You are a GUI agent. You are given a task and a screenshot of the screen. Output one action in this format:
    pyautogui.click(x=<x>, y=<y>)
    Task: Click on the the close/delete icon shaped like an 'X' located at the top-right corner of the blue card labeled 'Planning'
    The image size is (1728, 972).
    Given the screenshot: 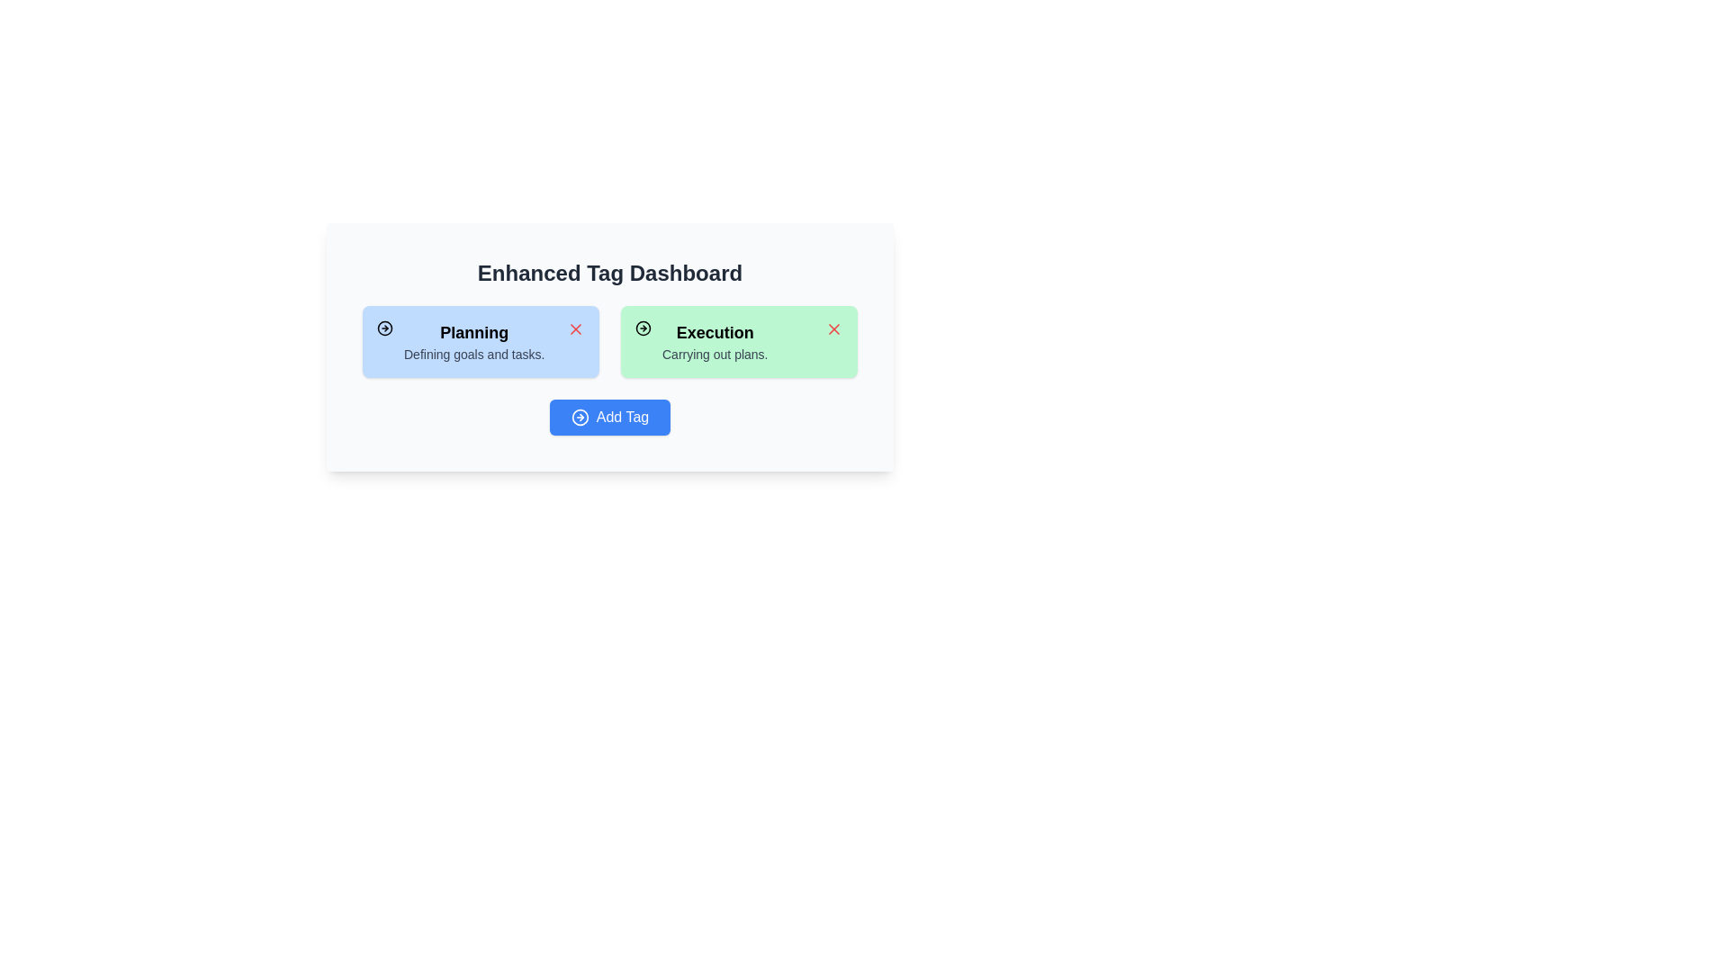 What is the action you would take?
    pyautogui.click(x=574, y=329)
    